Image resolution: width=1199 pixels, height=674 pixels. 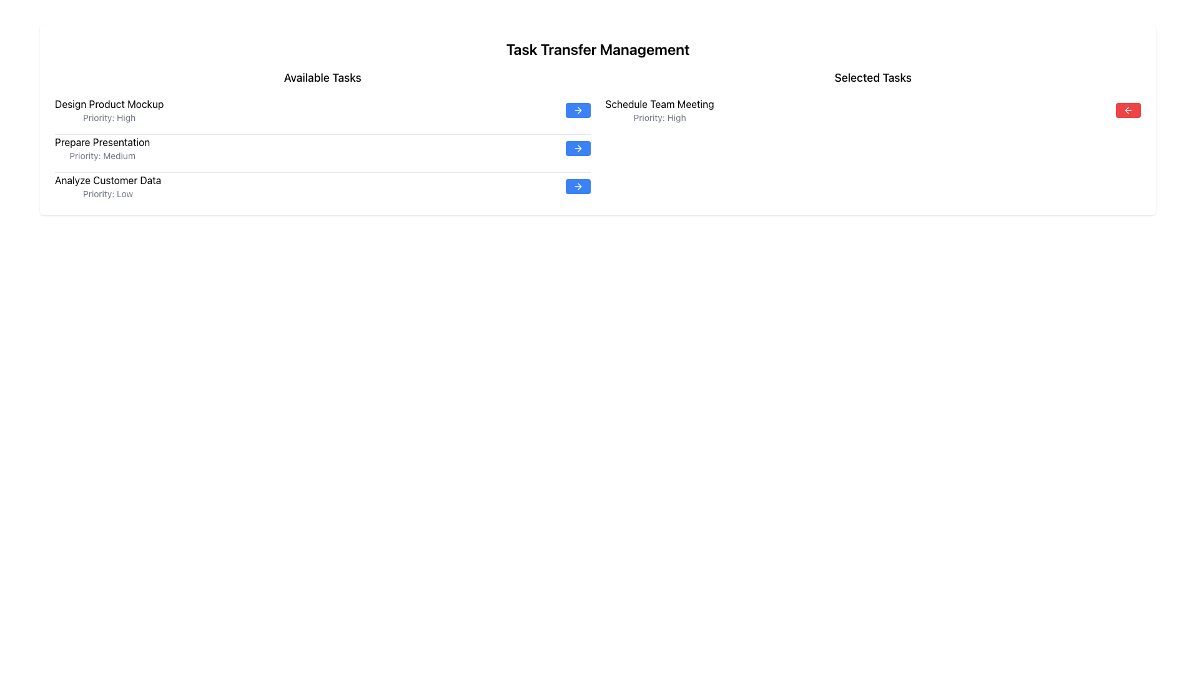 I want to click on the button located at the far right of the 'Analyze Customer Data' task row, which is aligned with the 'Priority: Low' text to trigger a visual state change, so click(x=577, y=187).